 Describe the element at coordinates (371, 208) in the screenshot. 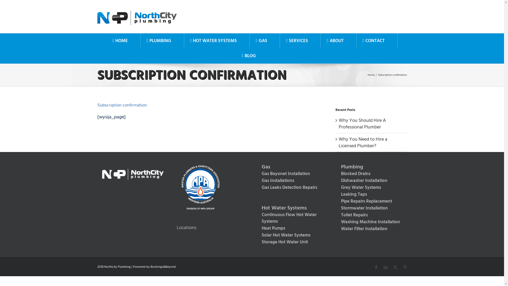

I see `'Stormwater Installation'` at that location.